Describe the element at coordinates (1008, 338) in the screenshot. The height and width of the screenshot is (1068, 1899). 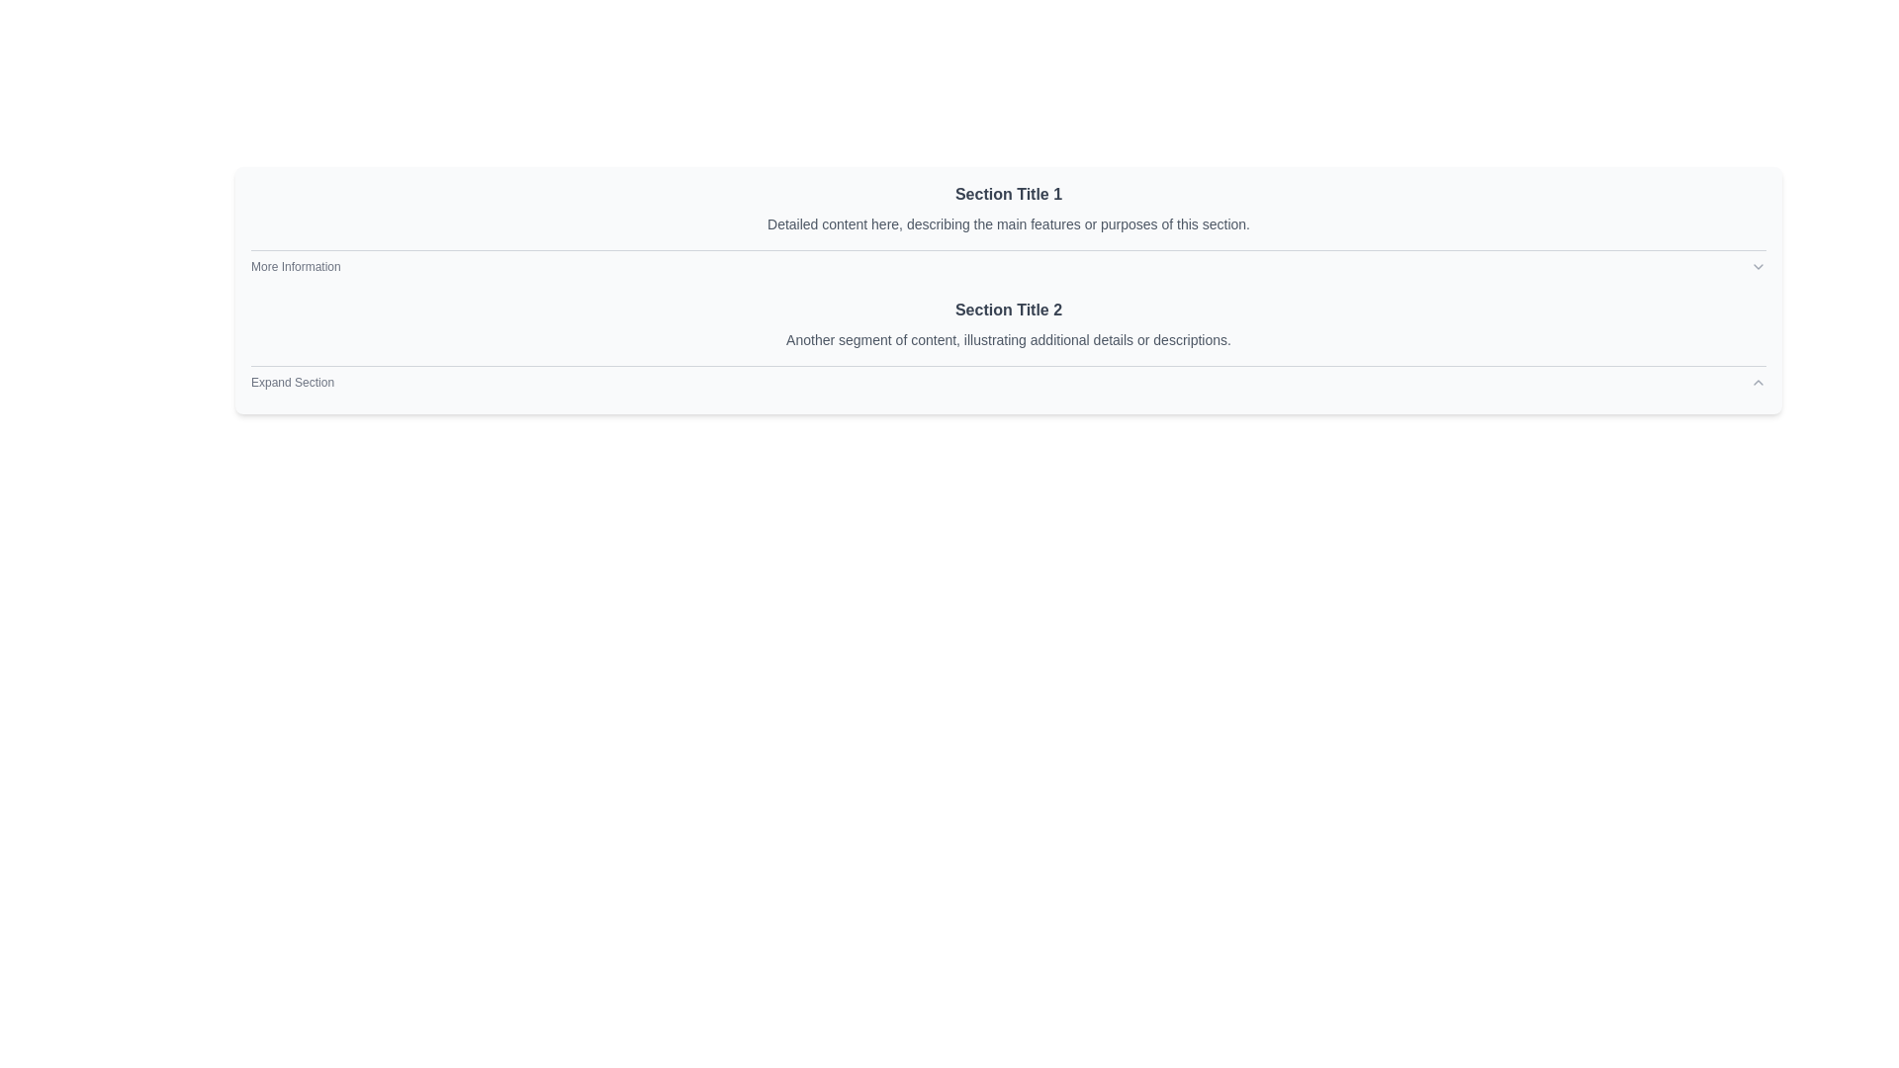
I see `the text label reading 'Another segment of content, illustrating additional details or descriptions.' which is styled in gray and positioned below the title 'Section Title 2'` at that location.